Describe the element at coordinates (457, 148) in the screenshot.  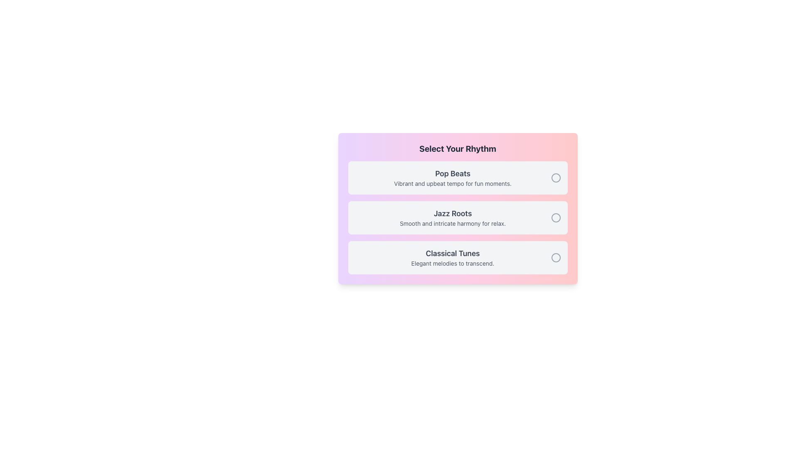
I see `text heading that says 'Select Your Rhythm', which is a bold and large-sized text styled with dark gray color at the top of a pastel-gradient background` at that location.